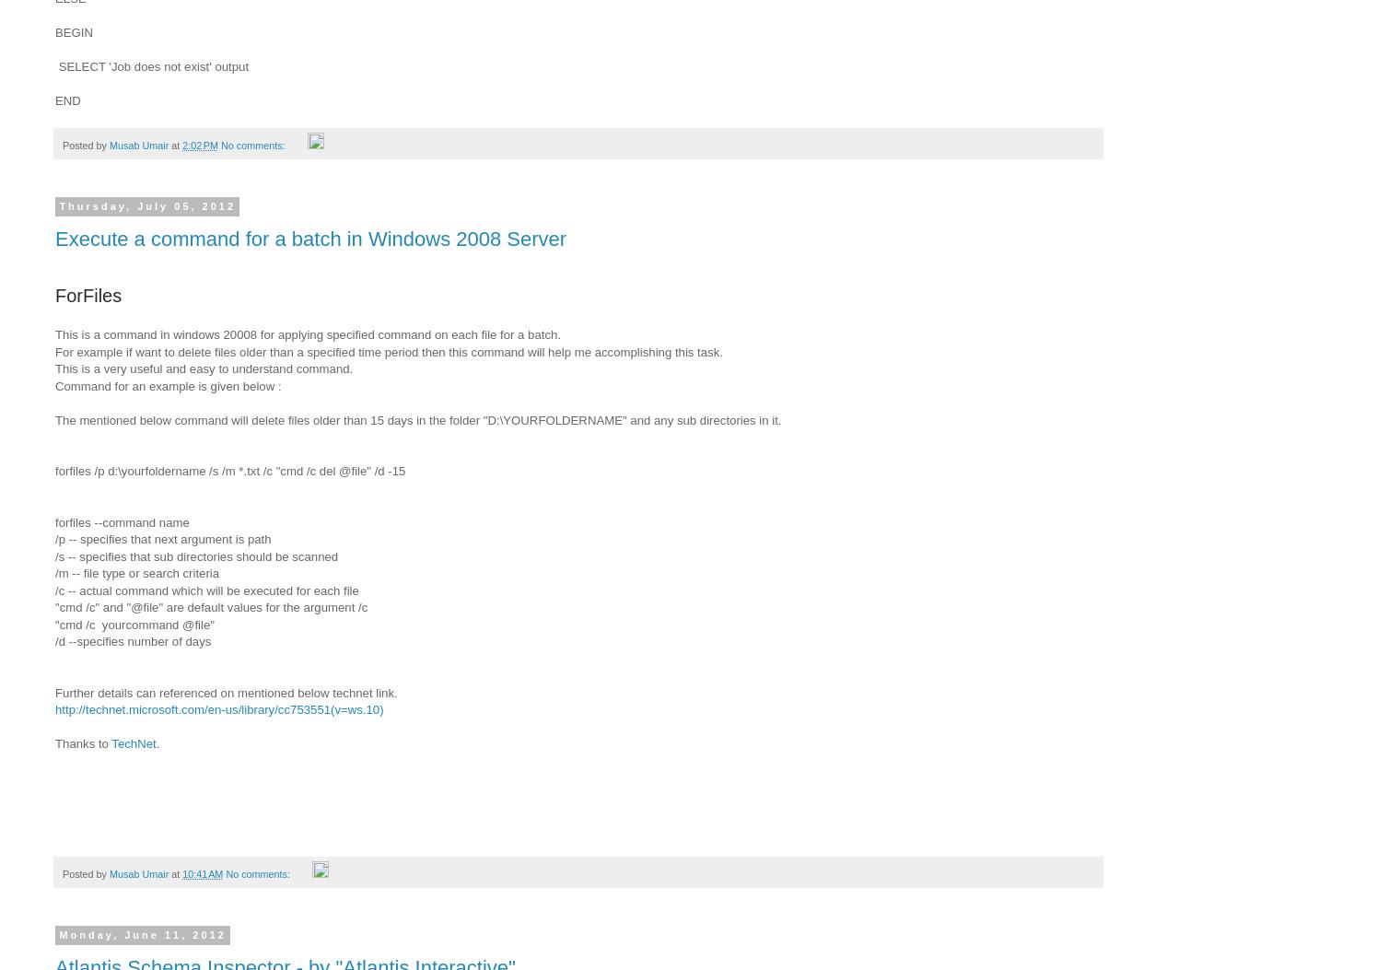 The image size is (1389, 970). What do you see at coordinates (122, 520) in the screenshot?
I see `'forfiles --command name'` at bounding box center [122, 520].